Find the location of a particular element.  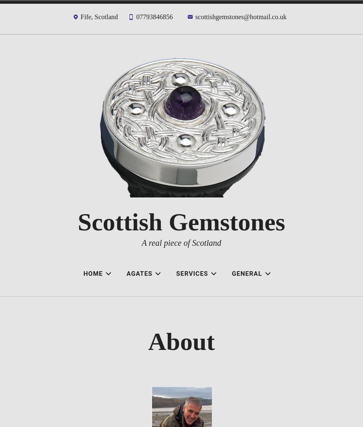

'Home' is located at coordinates (92, 273).